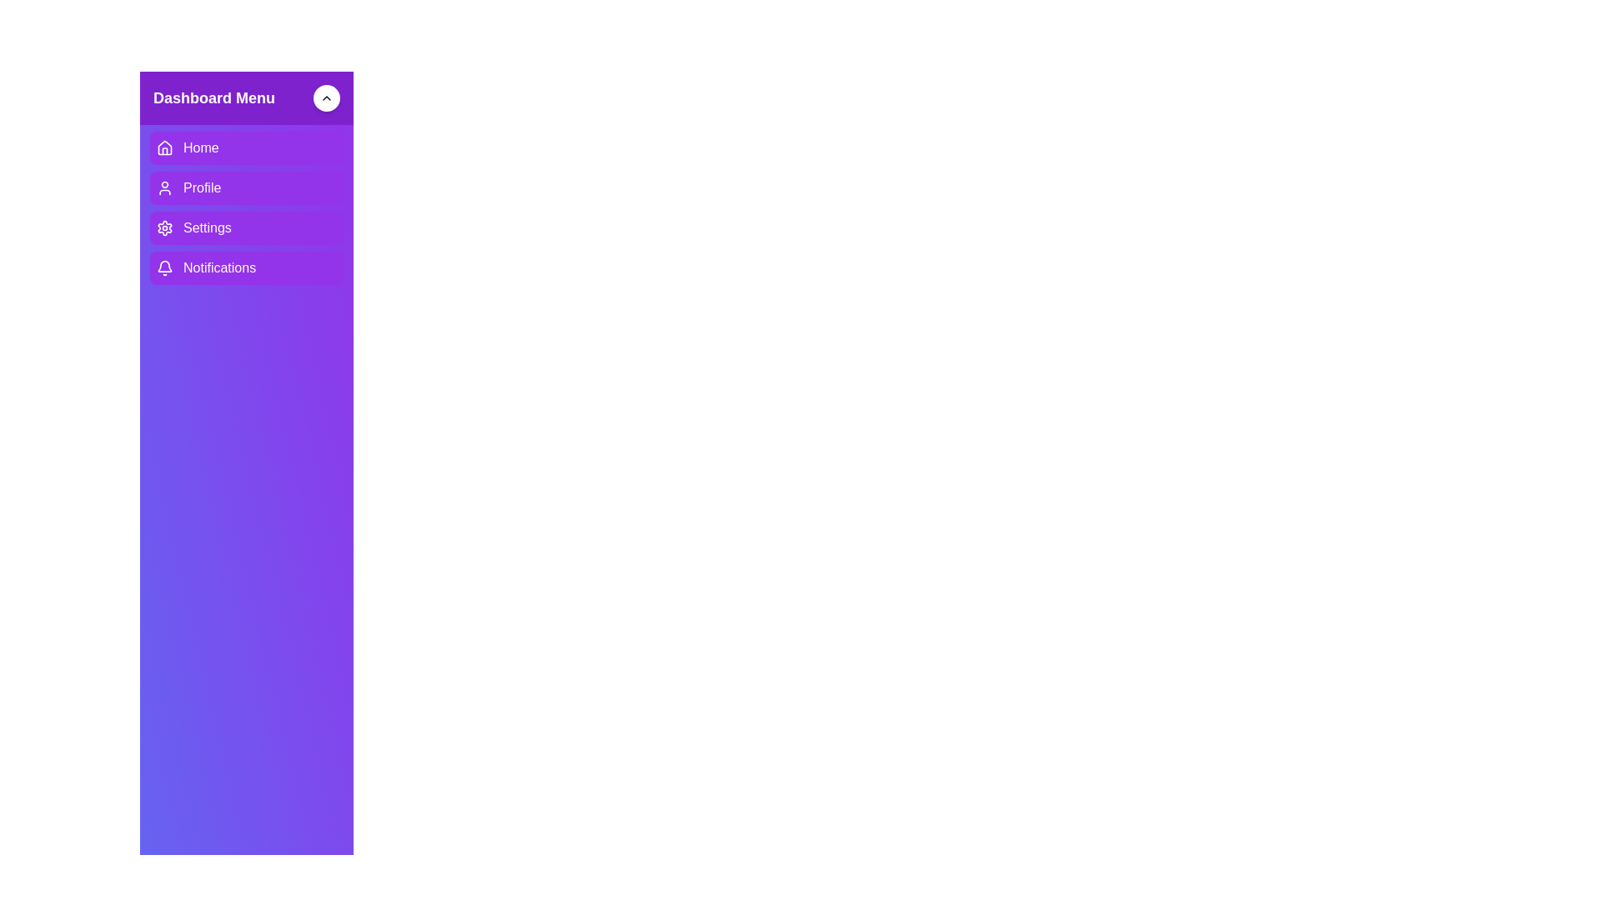 The image size is (1601, 900). I want to click on the bell icon in the sidebar menu, which is associated with the 'Notifications' entry and positioned between the 'Settings' icon and no other menu entry, so click(164, 265).